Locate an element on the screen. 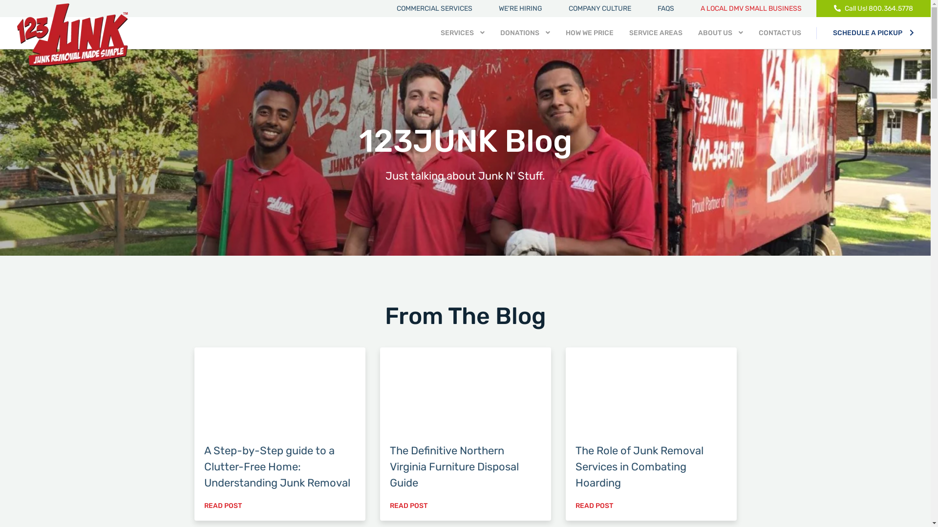 The image size is (938, 527). 'COMMERCIAL SERVICES' is located at coordinates (434, 8).